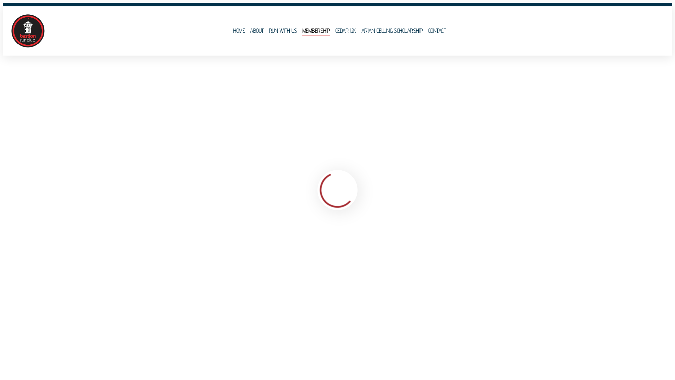 This screenshot has width=675, height=380. What do you see at coordinates (20, 375) in the screenshot?
I see `'Bastion Run Club Membership'` at bounding box center [20, 375].